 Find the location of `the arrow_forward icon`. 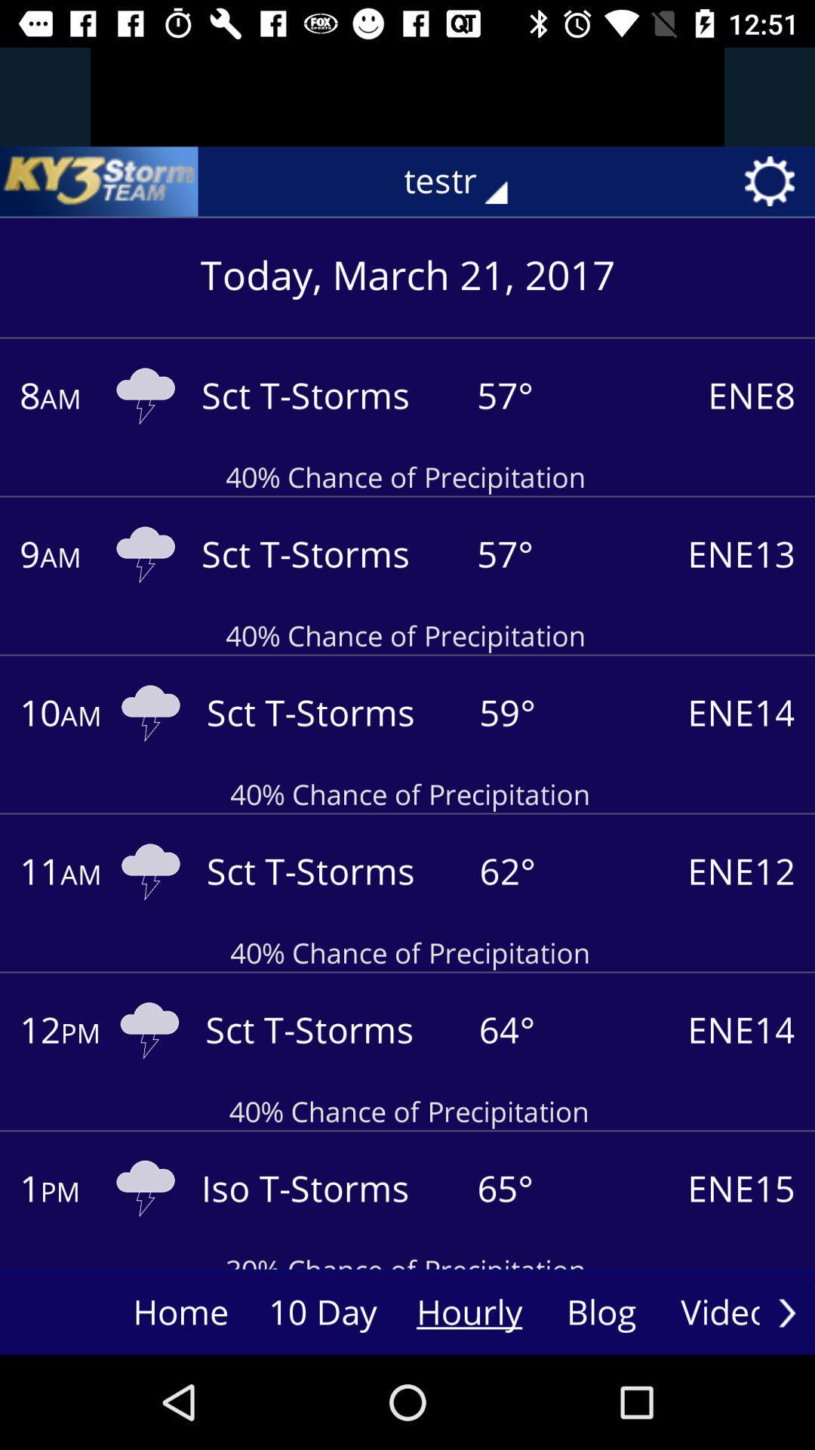

the arrow_forward icon is located at coordinates (786, 1312).